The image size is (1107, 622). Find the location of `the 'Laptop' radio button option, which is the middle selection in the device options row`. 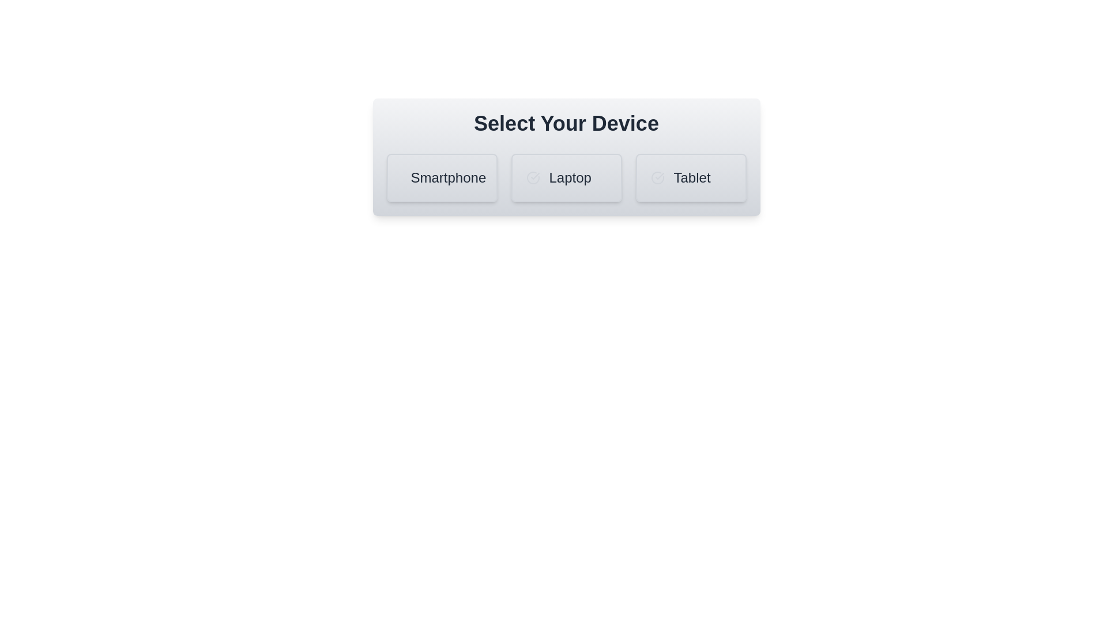

the 'Laptop' radio button option, which is the middle selection in the device options row is located at coordinates (566, 177).